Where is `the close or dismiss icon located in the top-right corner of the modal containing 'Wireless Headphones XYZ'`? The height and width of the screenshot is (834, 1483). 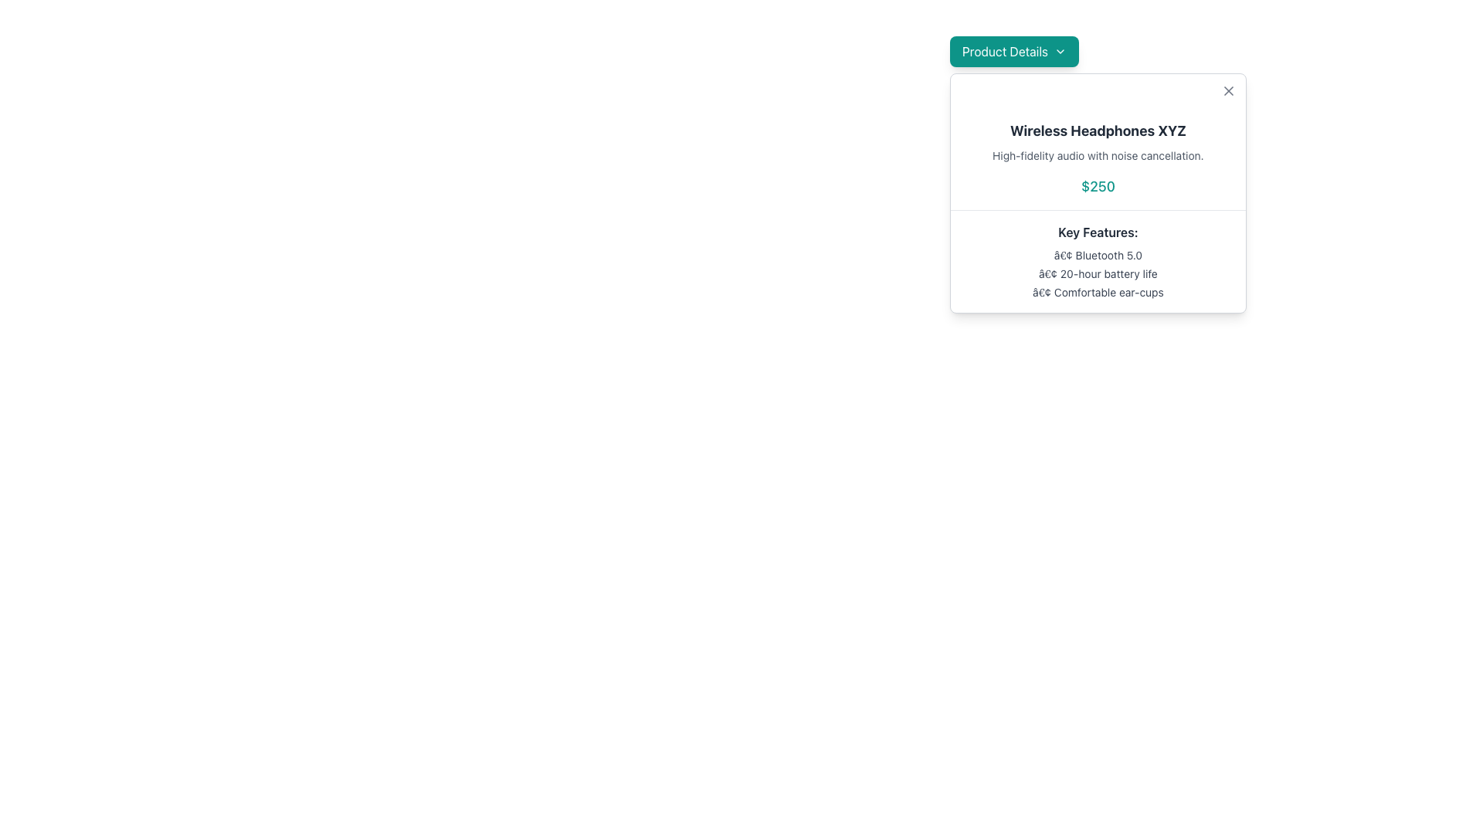 the close or dismiss icon located in the top-right corner of the modal containing 'Wireless Headphones XYZ' is located at coordinates (1227, 91).